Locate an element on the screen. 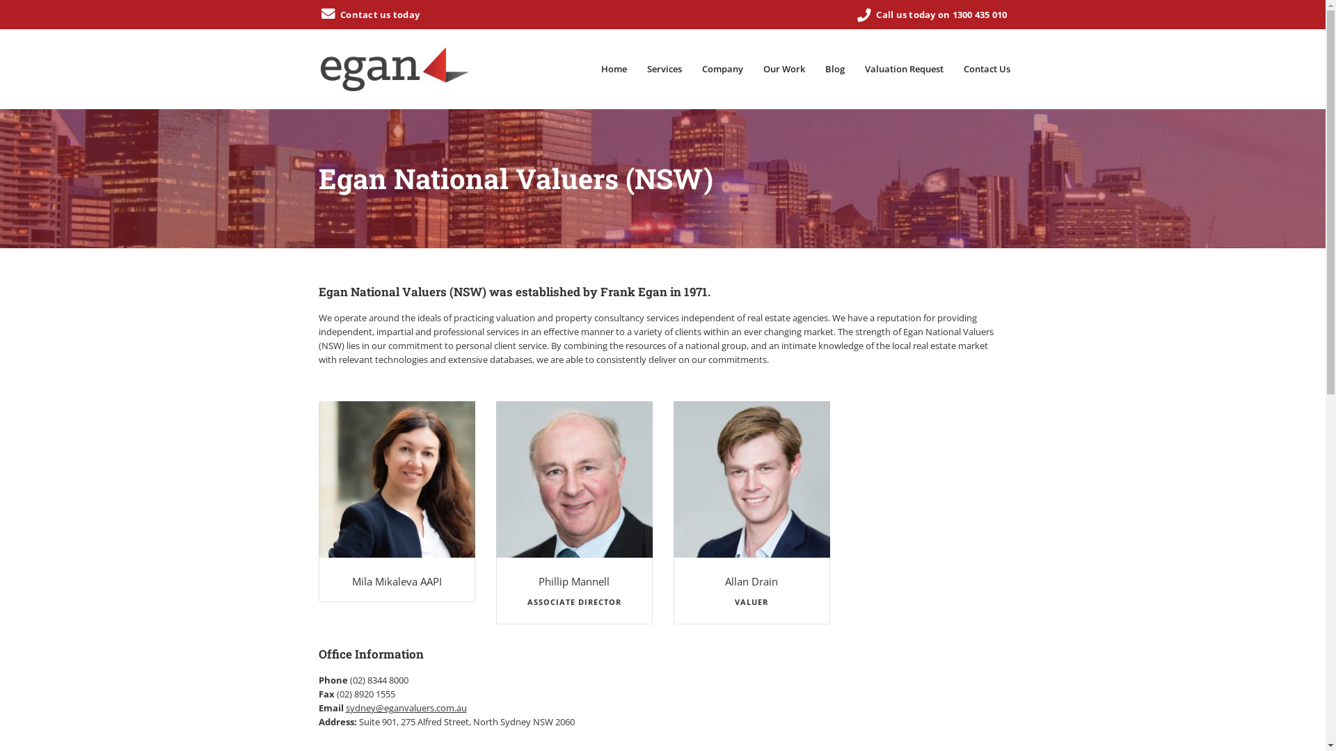  'Contact us today' is located at coordinates (369, 14).